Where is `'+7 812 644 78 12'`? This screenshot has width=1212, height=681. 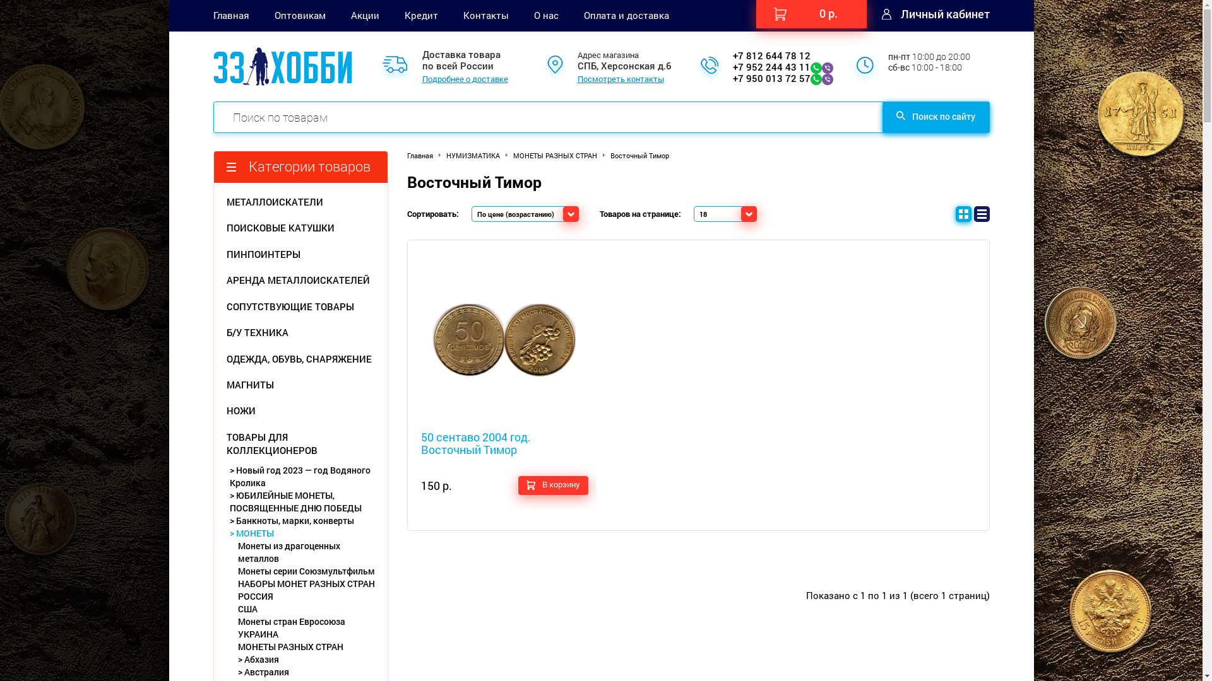 '+7 812 644 78 12' is located at coordinates (732, 54).